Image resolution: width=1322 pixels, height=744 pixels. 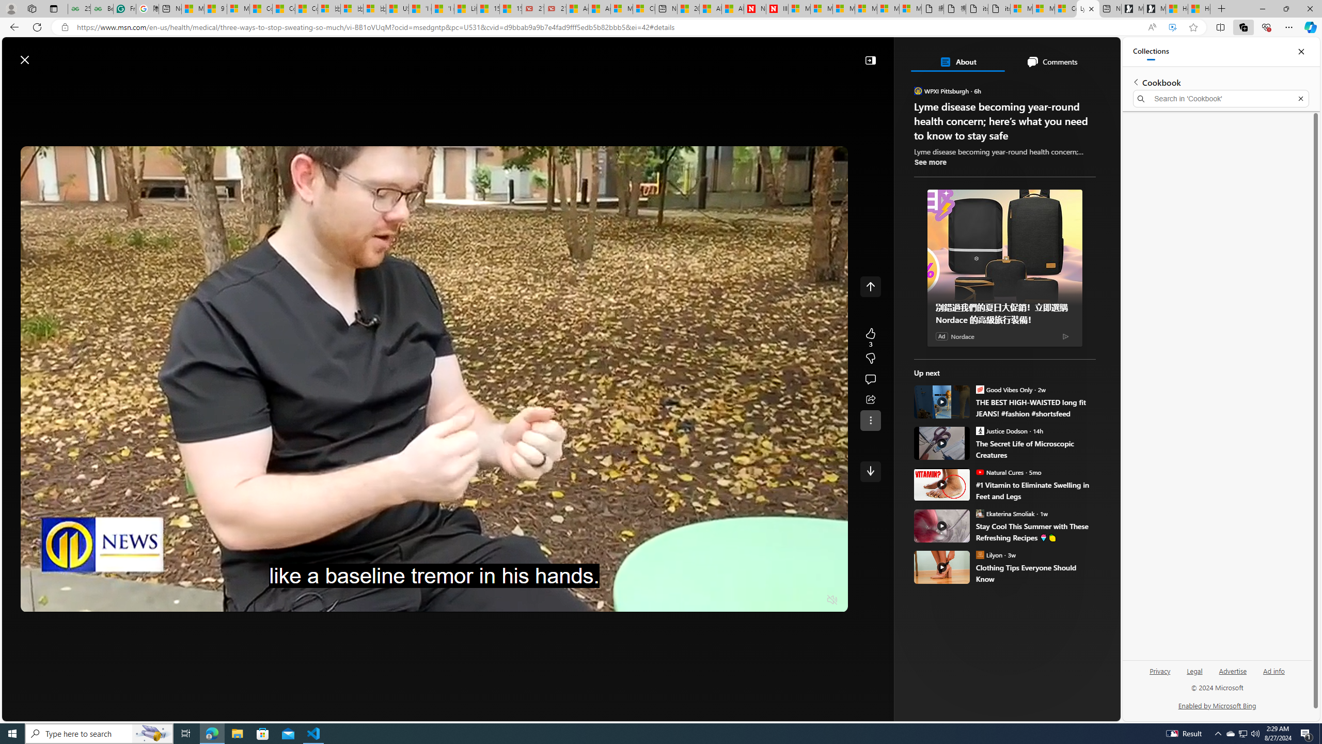 I want to click on 'Advertise', so click(x=1232, y=671).